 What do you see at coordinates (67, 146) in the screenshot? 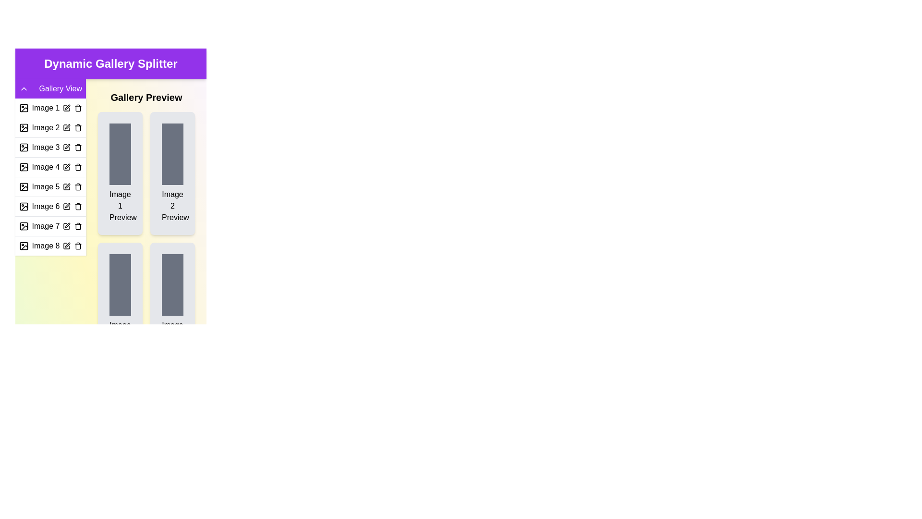
I see `the small pen icon that symbolizes an edit action located to the right of the text 'Image 3'` at bounding box center [67, 146].